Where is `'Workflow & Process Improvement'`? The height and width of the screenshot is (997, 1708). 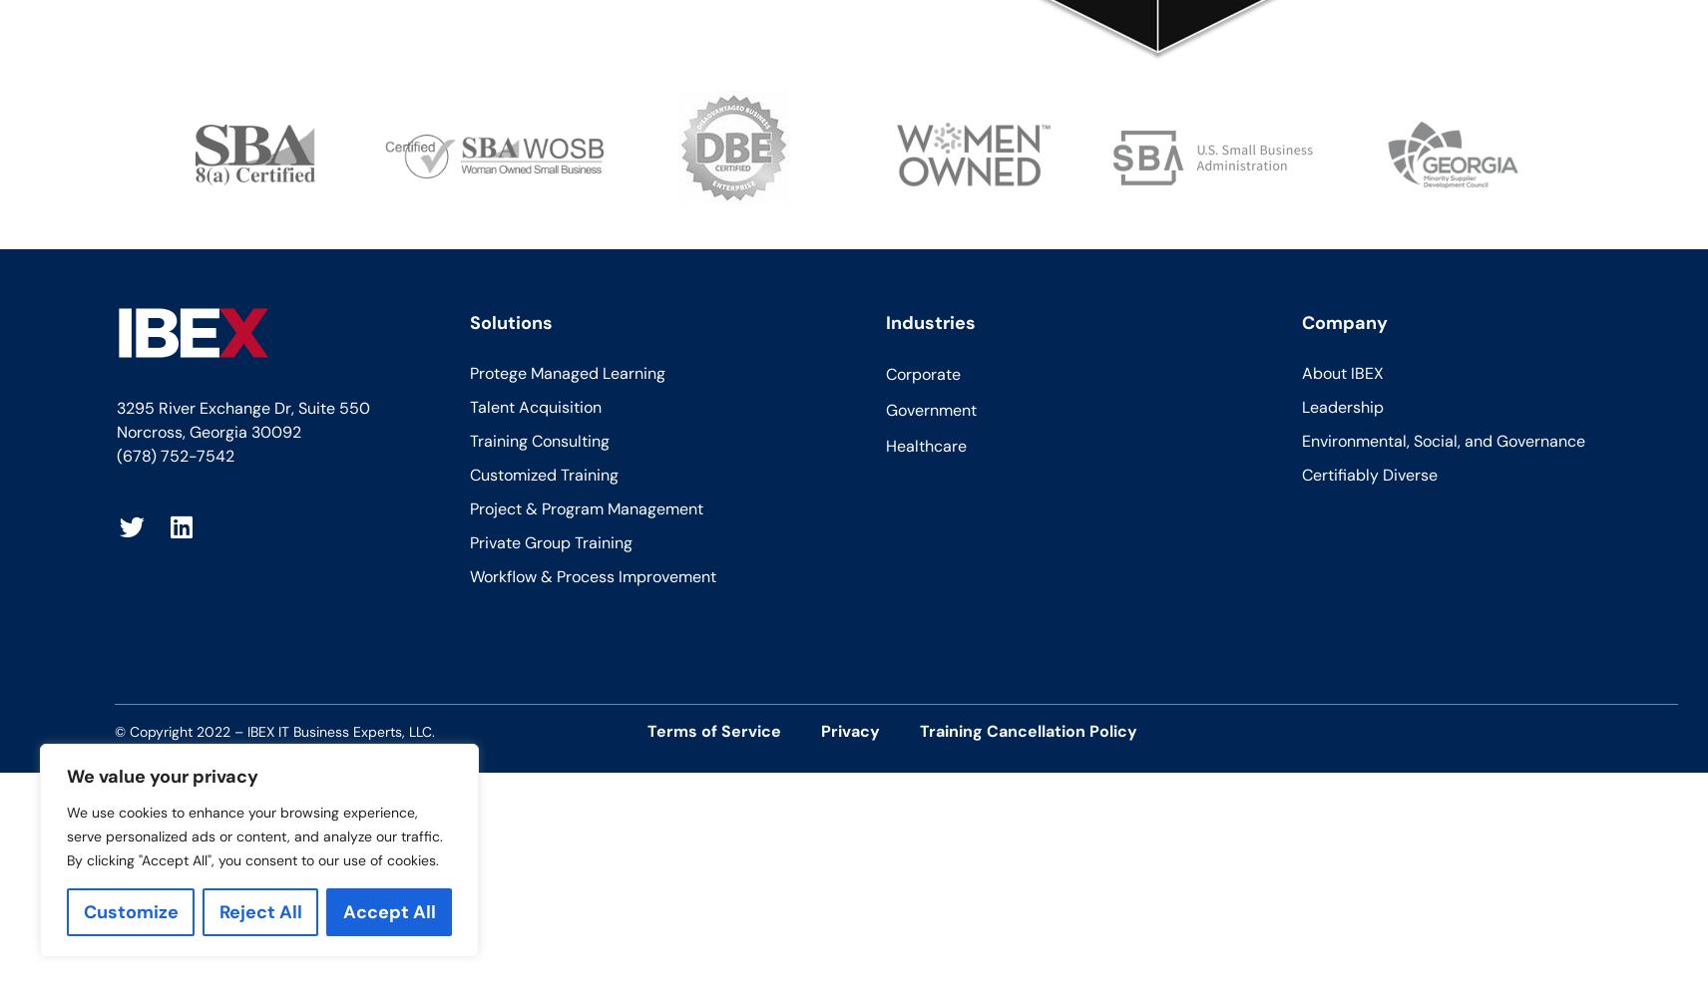
'Workflow & Process Improvement' is located at coordinates (591, 574).